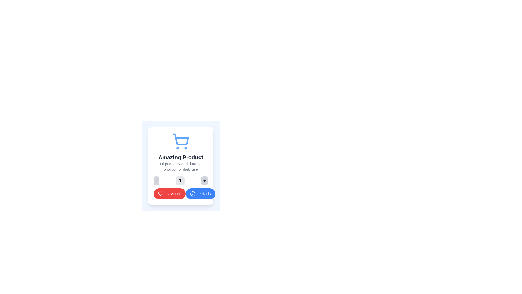 The image size is (522, 294). I want to click on the small square button with a rounded border, light gray background, and a '+' symbol, so click(204, 180).